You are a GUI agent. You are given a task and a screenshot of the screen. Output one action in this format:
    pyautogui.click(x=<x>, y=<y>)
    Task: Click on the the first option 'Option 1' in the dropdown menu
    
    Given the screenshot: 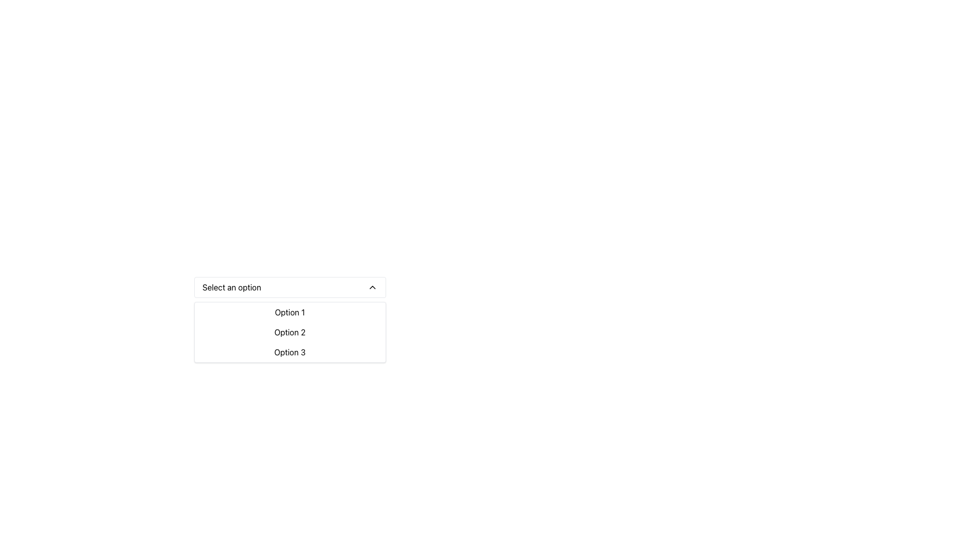 What is the action you would take?
    pyautogui.click(x=289, y=311)
    